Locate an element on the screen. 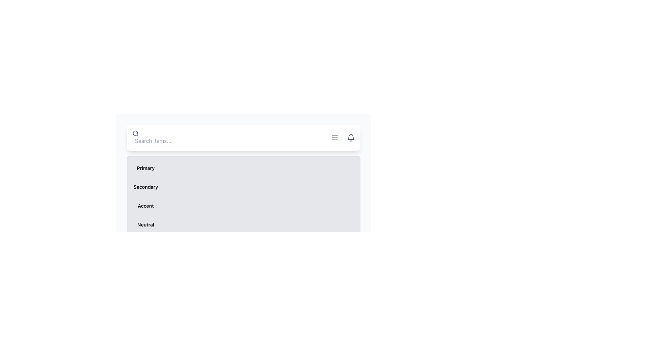 This screenshot has width=648, height=364. the static text label representing the category 'Accent', which is the third label in a vertical list of labels is located at coordinates (145, 205).